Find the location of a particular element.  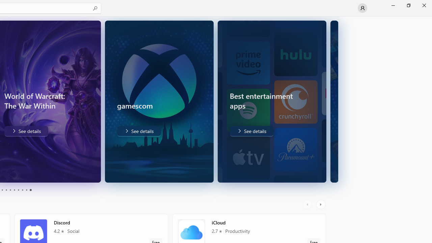

'Page 6' is located at coordinates (14, 190).